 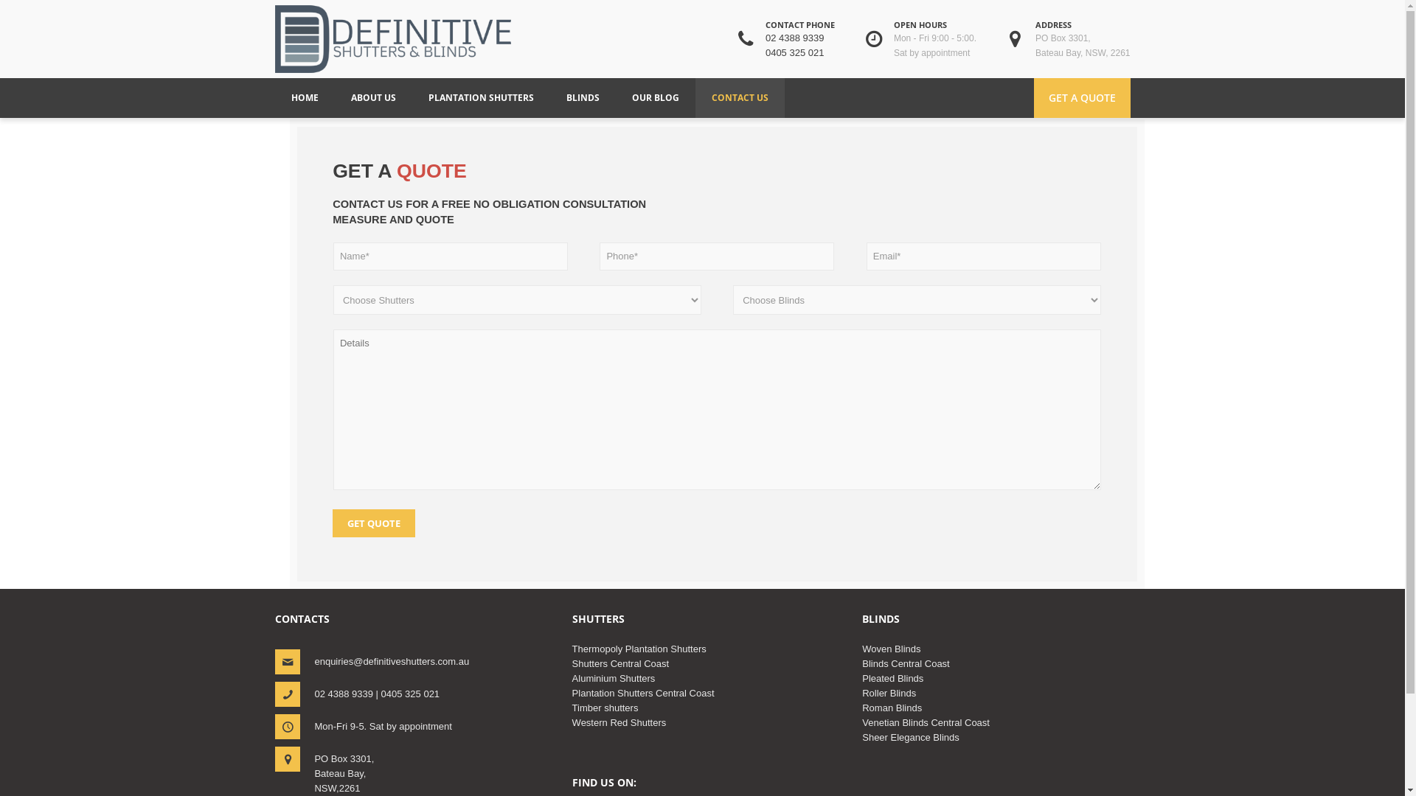 I want to click on 'Pleated Blinds', so click(x=892, y=678).